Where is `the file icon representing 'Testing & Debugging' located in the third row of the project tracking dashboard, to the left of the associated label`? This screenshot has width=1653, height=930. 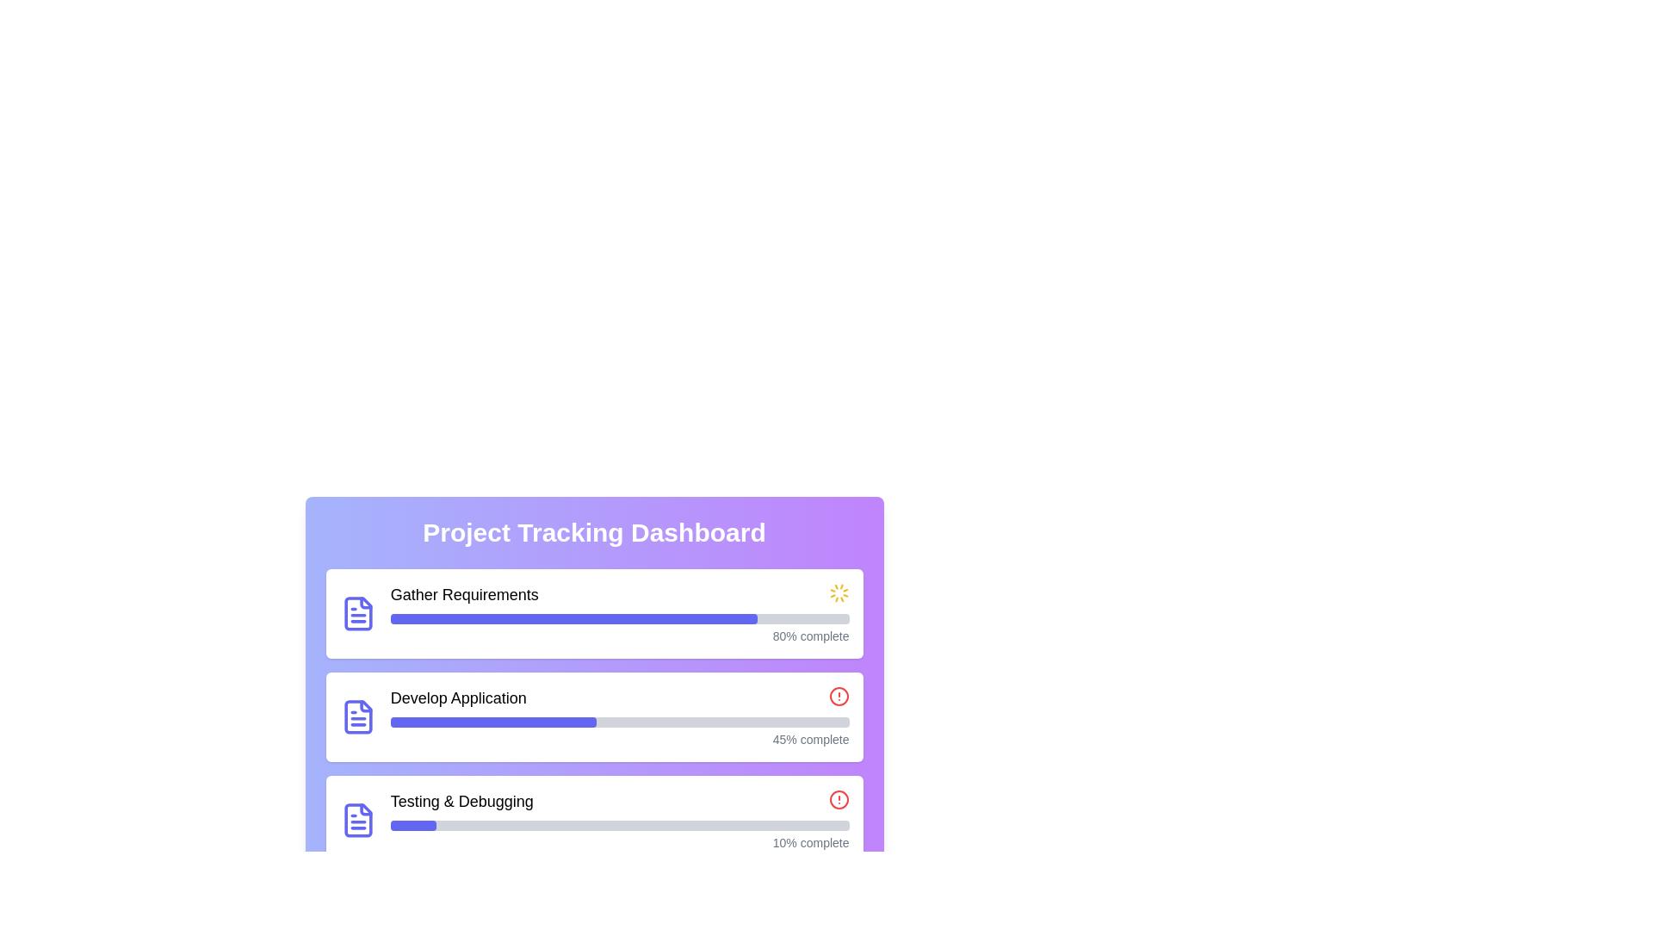 the file icon representing 'Testing & Debugging' located in the third row of the project tracking dashboard, to the left of the associated label is located at coordinates (357, 819).